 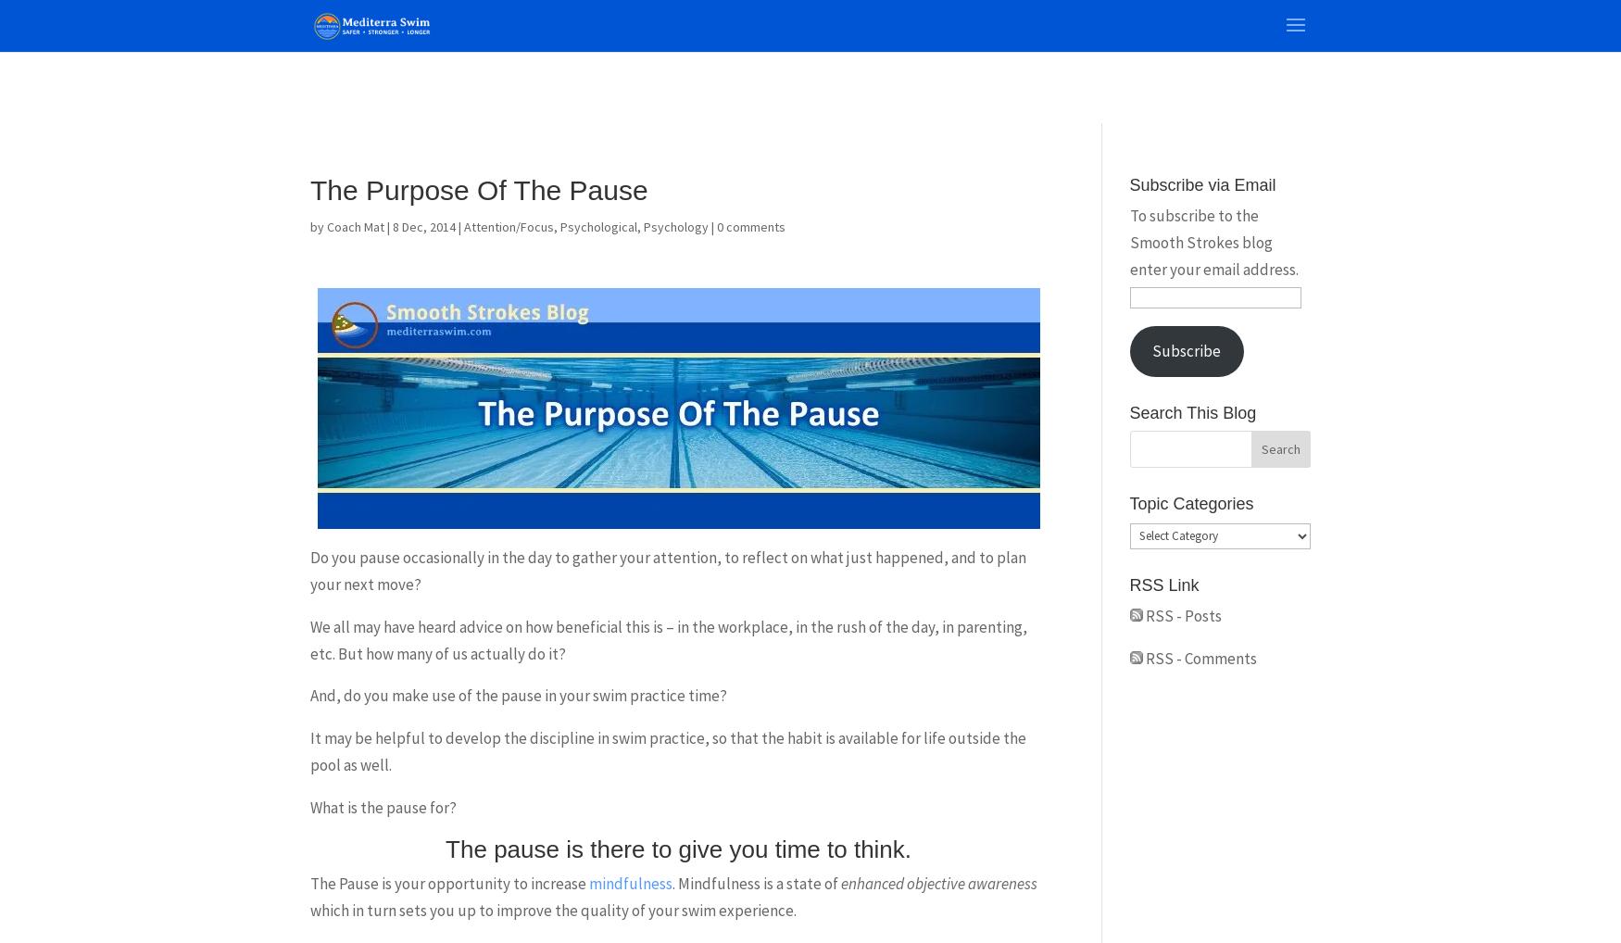 What do you see at coordinates (1191, 411) in the screenshot?
I see `'Search This Blog'` at bounding box center [1191, 411].